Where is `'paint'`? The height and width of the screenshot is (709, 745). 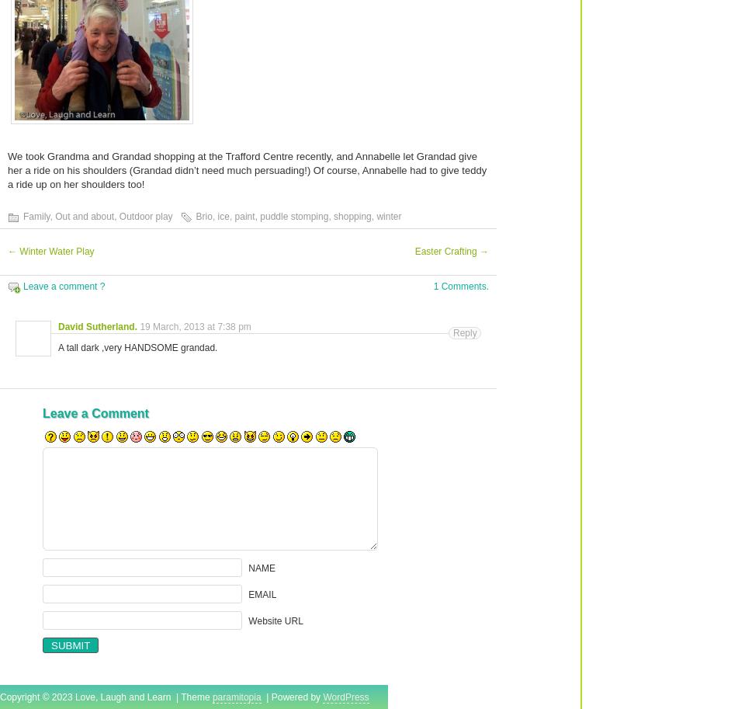 'paint' is located at coordinates (244, 217).